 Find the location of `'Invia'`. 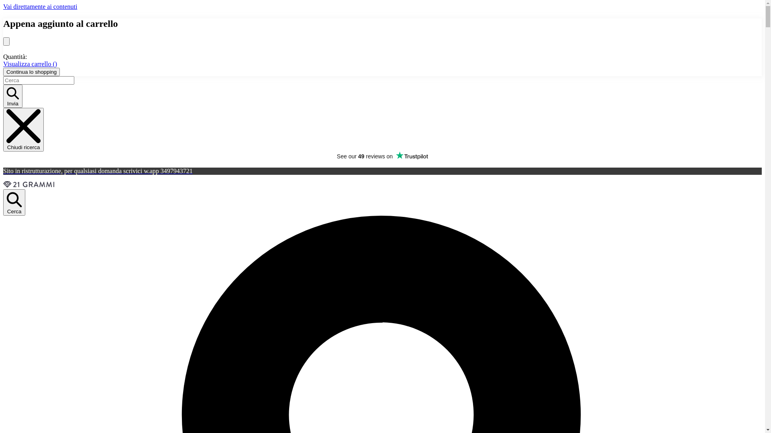

'Invia' is located at coordinates (3, 95).